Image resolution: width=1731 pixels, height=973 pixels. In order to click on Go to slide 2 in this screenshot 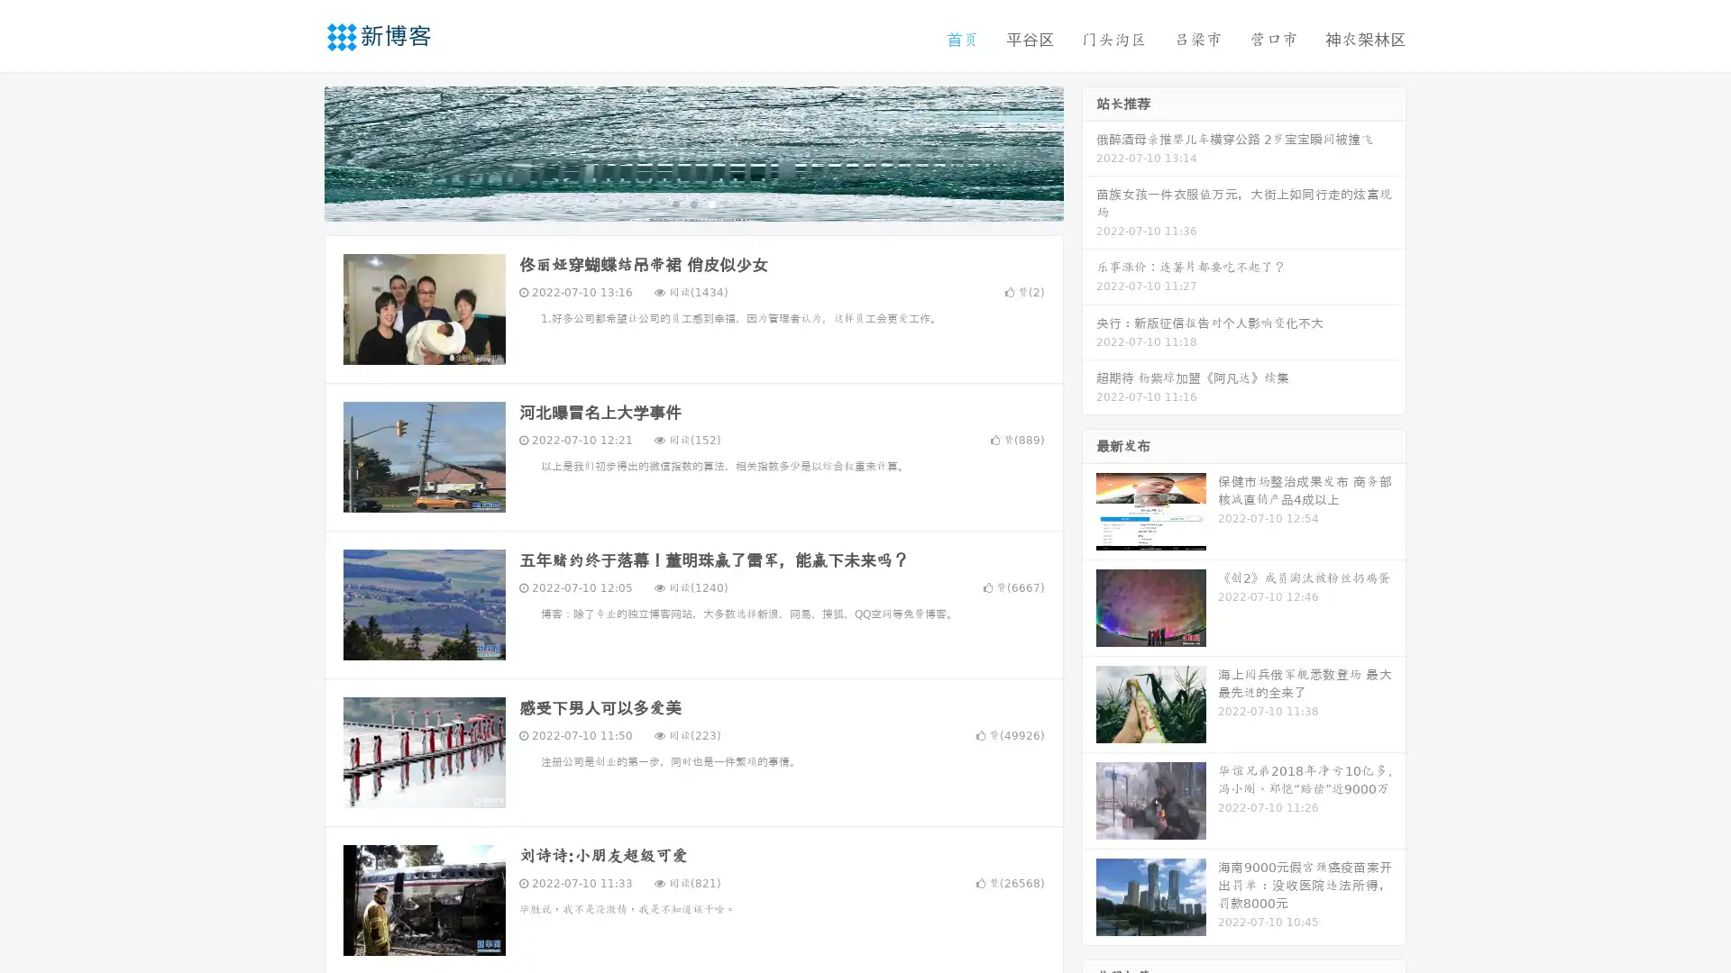, I will do `click(692, 203)`.